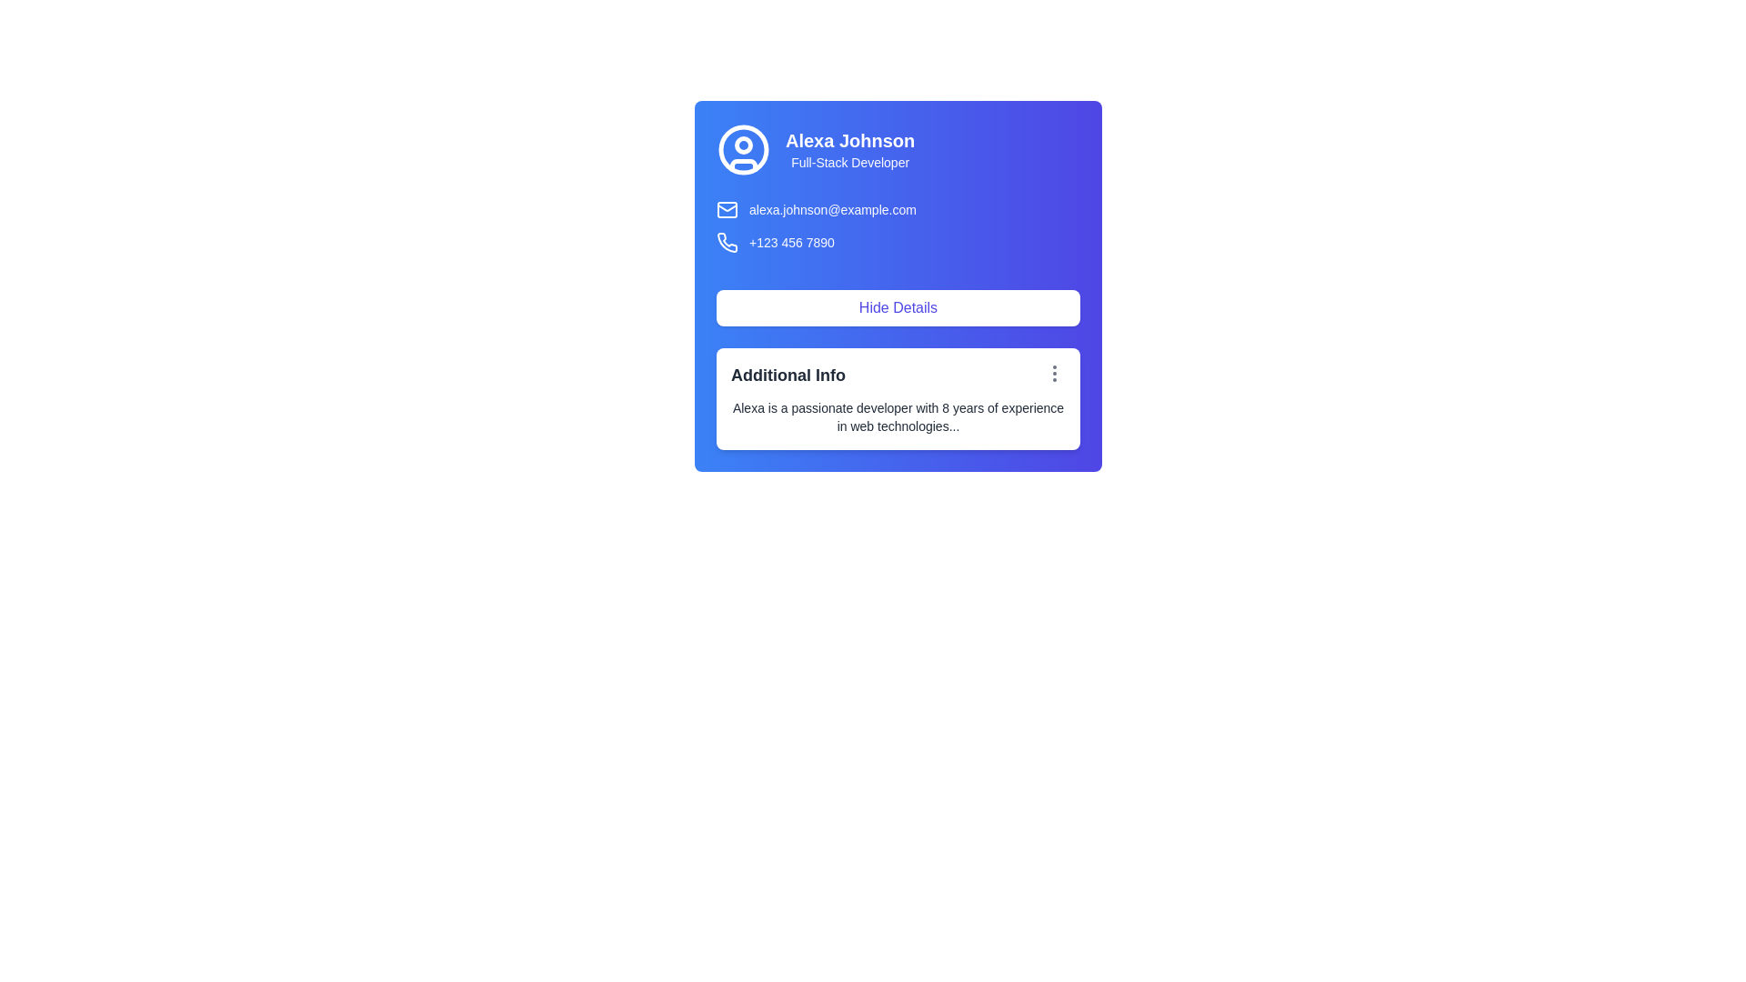 Image resolution: width=1746 pixels, height=982 pixels. What do you see at coordinates (1055, 373) in the screenshot?
I see `the vertically aligned gray ellipsis icon located to the right of the 'Additional Info' heading` at bounding box center [1055, 373].